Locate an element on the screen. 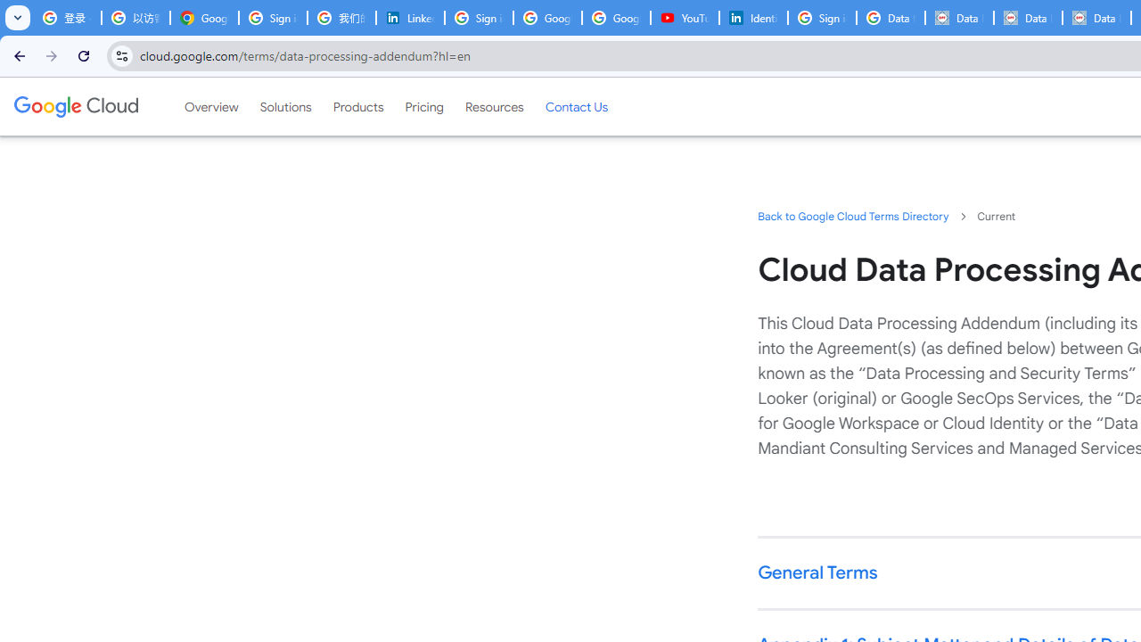 The width and height of the screenshot is (1141, 642). 'Back to Google Cloud Terms Directory' is located at coordinates (852, 215).